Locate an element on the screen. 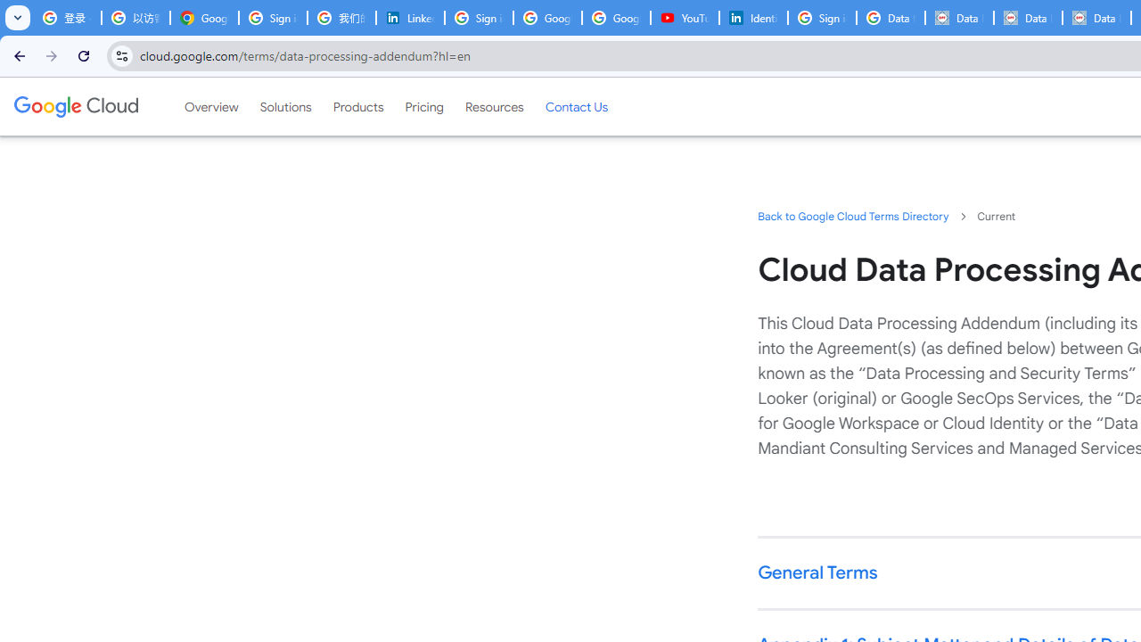 The width and height of the screenshot is (1141, 642). 'Back to Google Cloud Terms Directory' is located at coordinates (852, 215).